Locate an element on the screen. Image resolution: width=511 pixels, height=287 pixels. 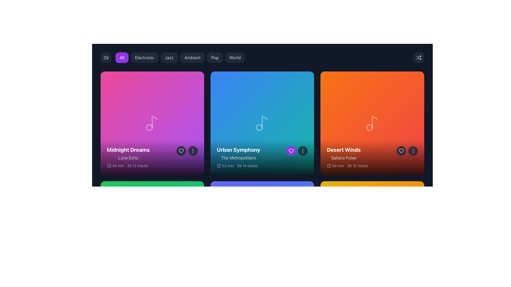
the heart-shaped icon button located at the bottom-right corner of the 'Midnight Dreams' card to mark the item as favorite is located at coordinates (181, 151).